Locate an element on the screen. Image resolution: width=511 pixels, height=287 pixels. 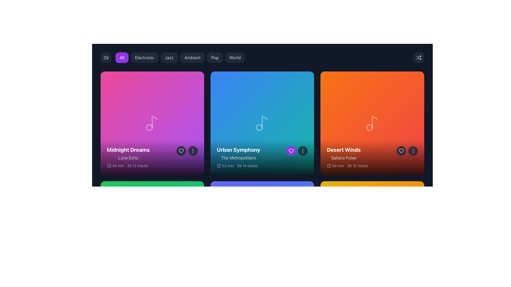
the heart-shaped icon button located at the bottom-right corner of the 'Midnight Dreams' card to mark the item as favorite is located at coordinates (181, 151).